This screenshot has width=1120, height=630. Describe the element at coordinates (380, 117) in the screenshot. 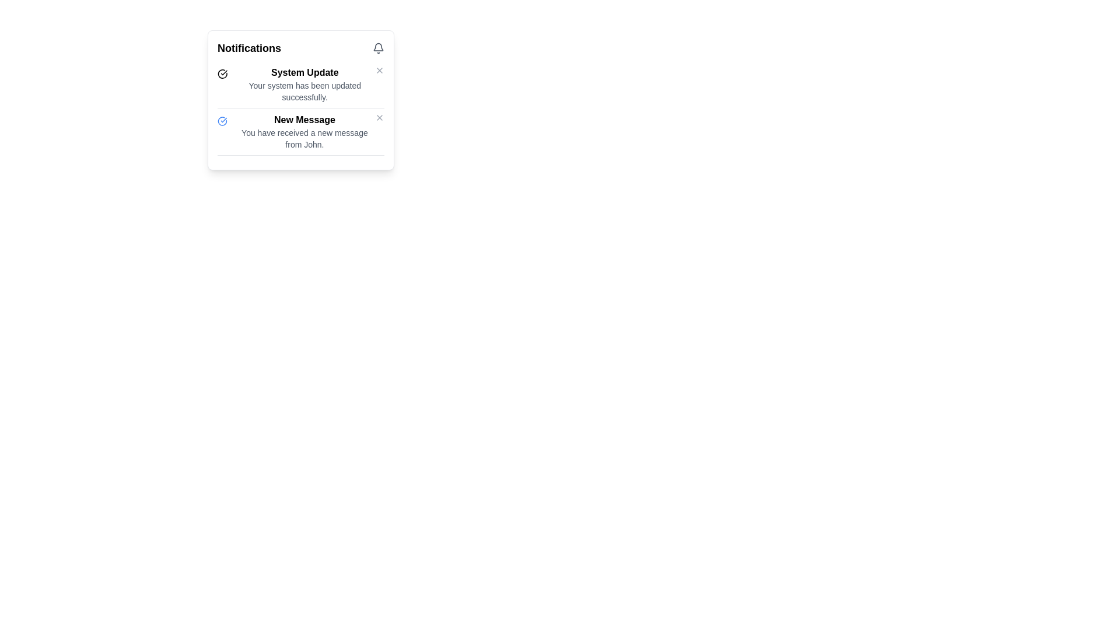

I see `the close button (X icon) located at the top right corner of the 'New Message' section in the notifications list` at that location.